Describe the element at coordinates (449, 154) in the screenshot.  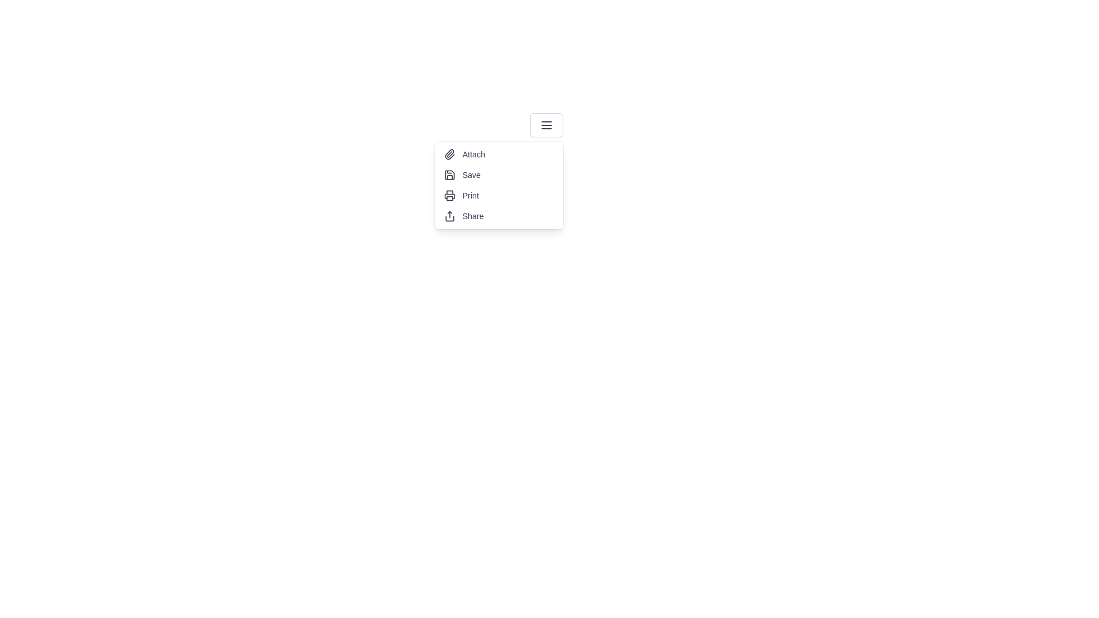
I see `the paperclip icon located next to the 'Attach' label in the dropdown menu` at that location.